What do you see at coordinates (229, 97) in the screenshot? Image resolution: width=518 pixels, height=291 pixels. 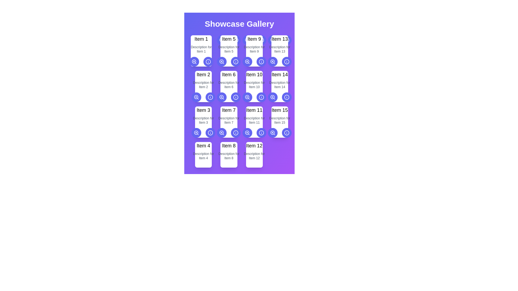 I see `the button-group component` at bounding box center [229, 97].